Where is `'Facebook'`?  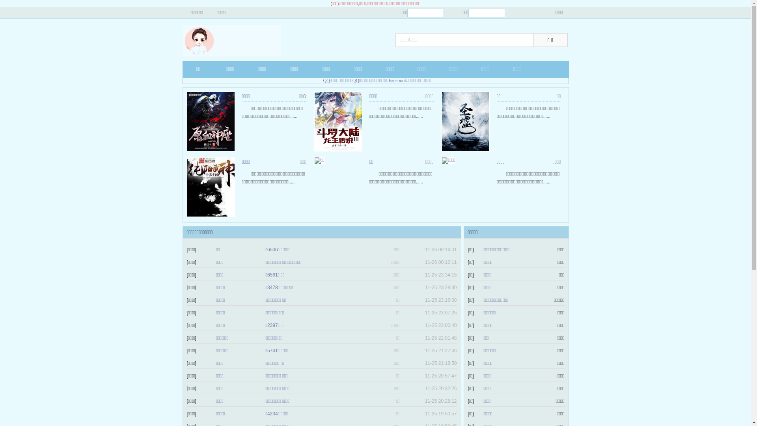 'Facebook' is located at coordinates (388, 80).